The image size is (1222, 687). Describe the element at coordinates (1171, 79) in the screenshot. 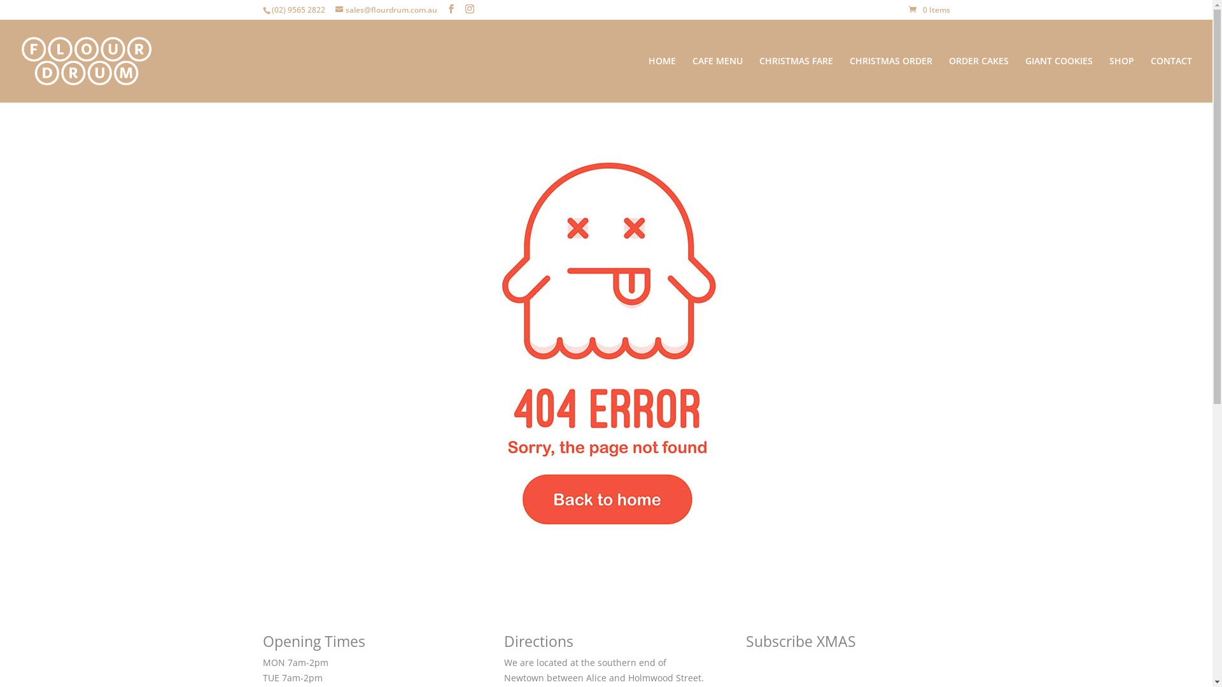

I see `'CONTACT'` at that location.